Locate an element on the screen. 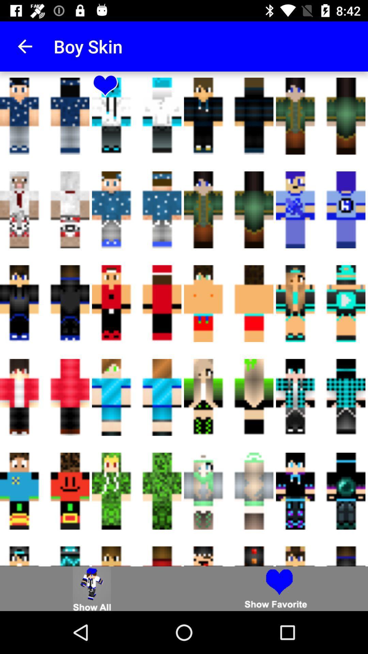  show favourite skins is located at coordinates (276, 588).